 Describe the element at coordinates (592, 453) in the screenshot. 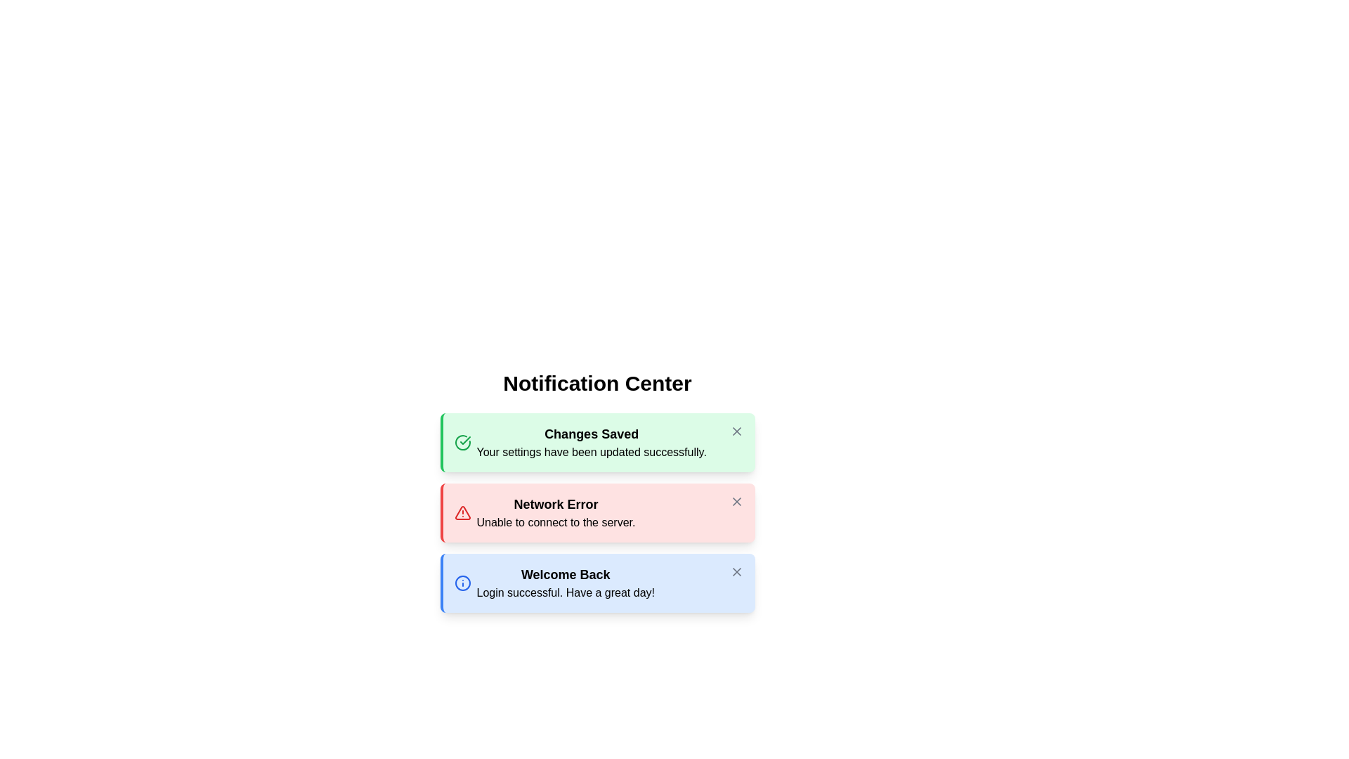

I see `status message displayed in the label located below the heading 'Changes Saved' in the notification card` at that location.